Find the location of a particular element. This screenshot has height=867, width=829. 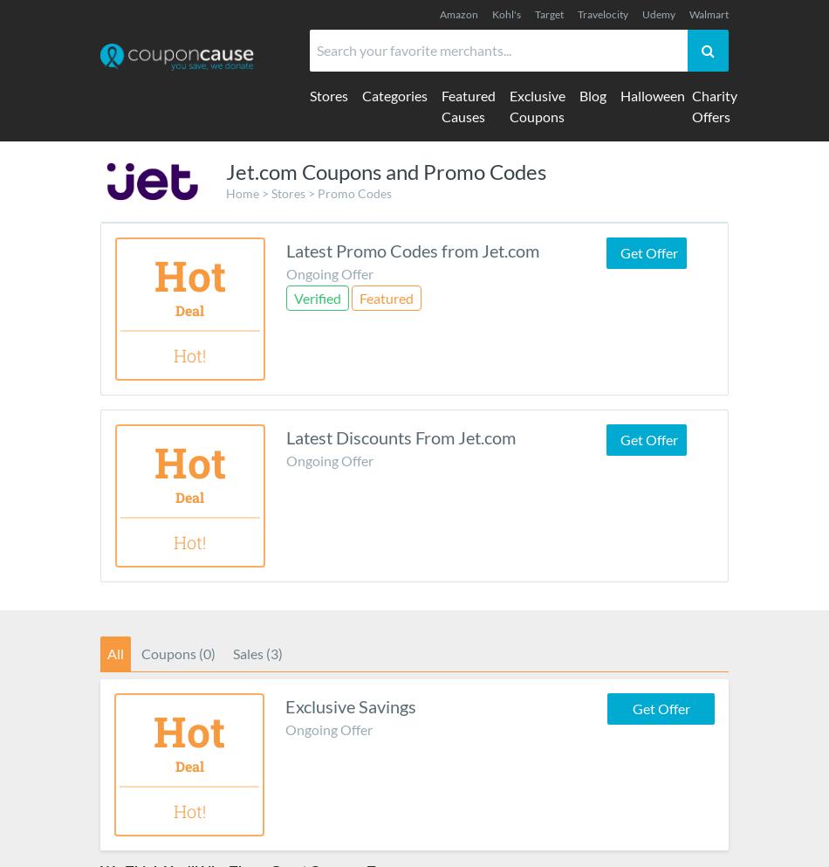

'>' is located at coordinates (264, 192).